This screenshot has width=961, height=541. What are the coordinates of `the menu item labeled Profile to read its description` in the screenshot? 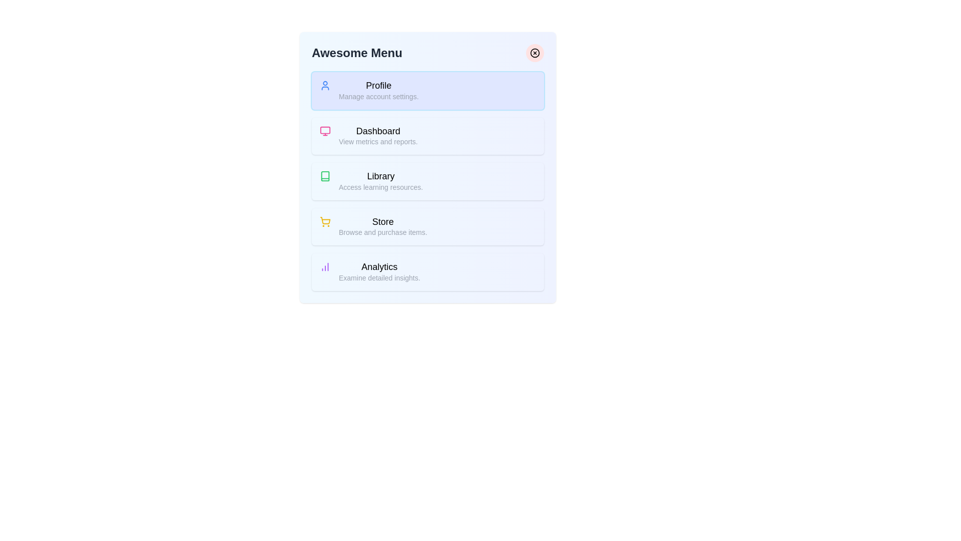 It's located at (374, 90).